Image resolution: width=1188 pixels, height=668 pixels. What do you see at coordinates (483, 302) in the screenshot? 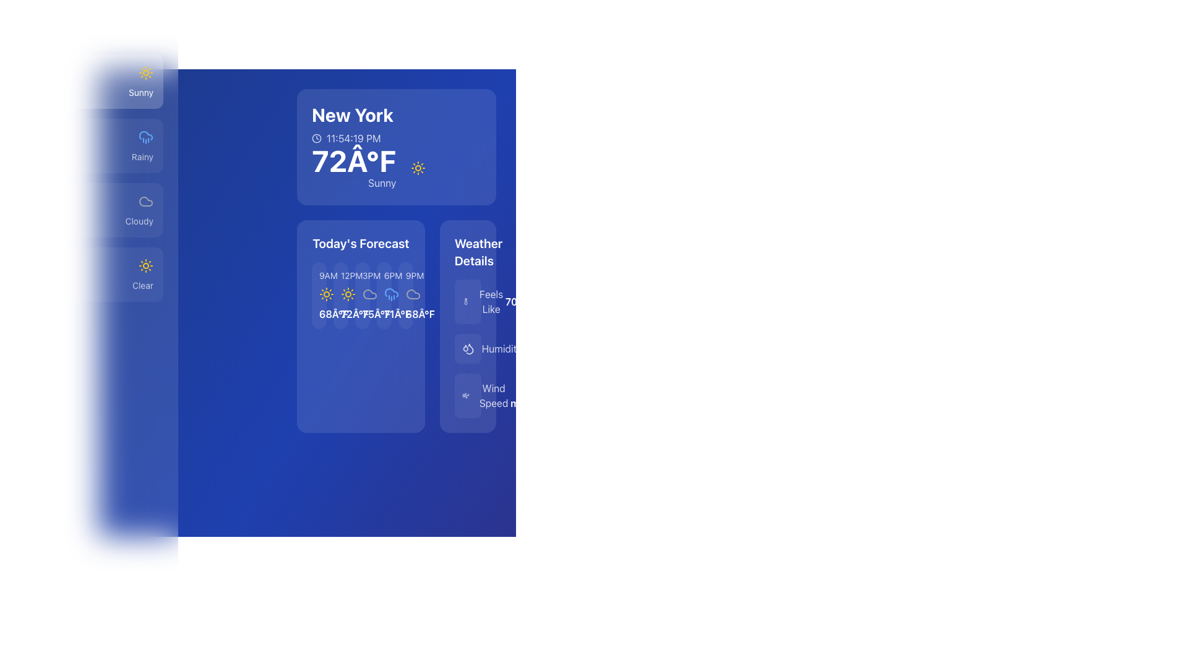
I see `the 'Feels Like' text label which is located in the top-right portion of the interface under 'Weather Details', next to a thermometer icon` at bounding box center [483, 302].